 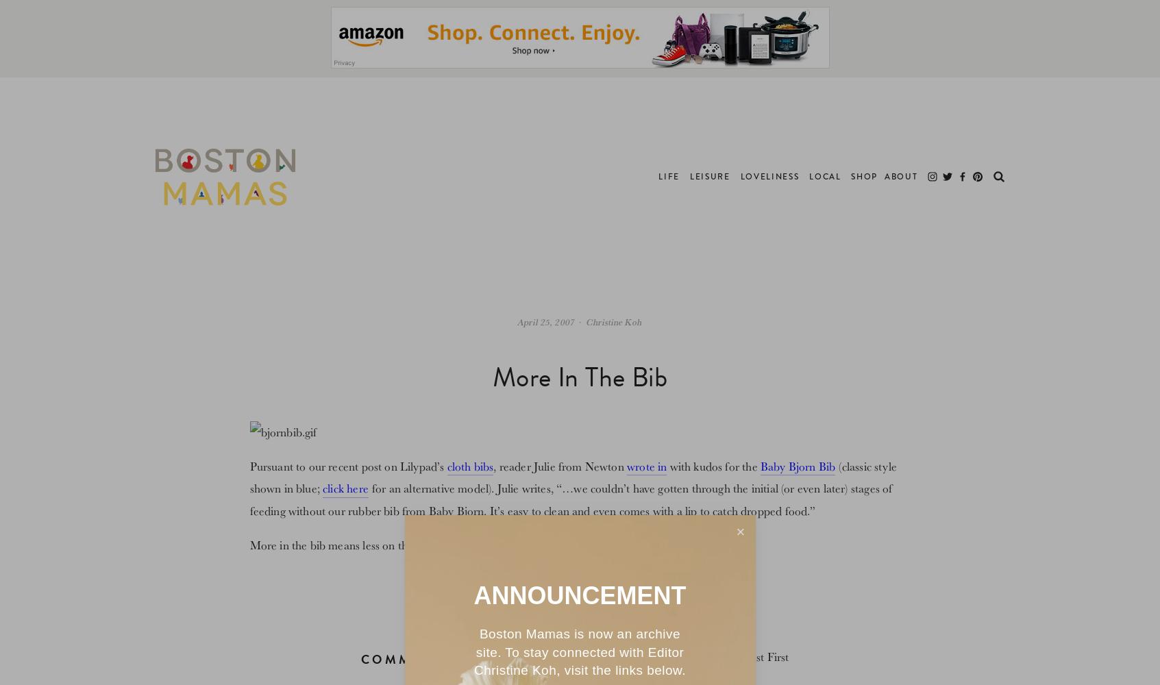 I want to click on 'Christine Koh', so click(x=613, y=321).